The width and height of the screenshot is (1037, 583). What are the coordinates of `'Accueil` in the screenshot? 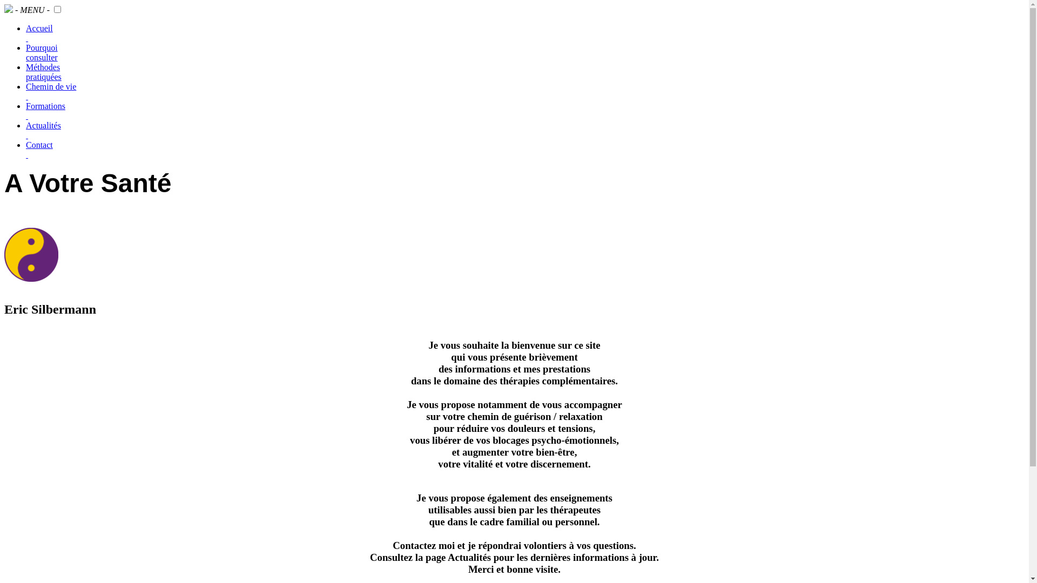 It's located at (39, 32).